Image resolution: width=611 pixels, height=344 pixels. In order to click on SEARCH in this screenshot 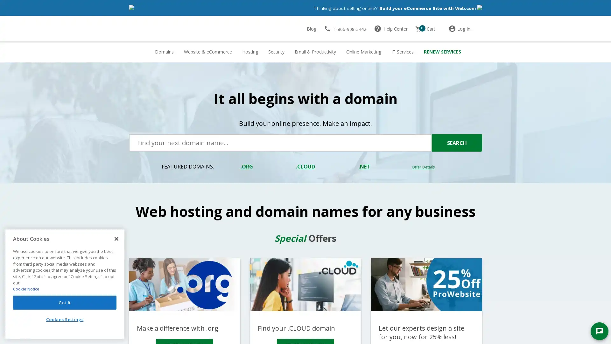, I will do `click(456, 143)`.